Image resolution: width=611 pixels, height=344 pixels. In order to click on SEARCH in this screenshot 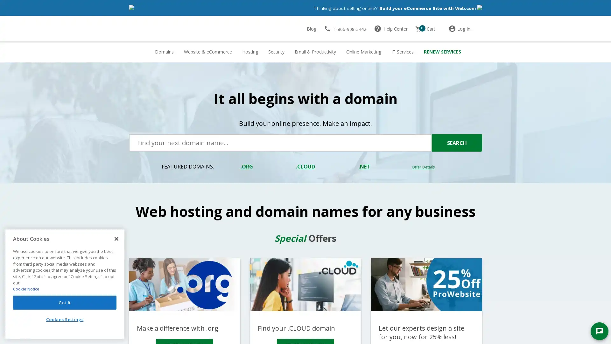, I will do `click(456, 143)`.